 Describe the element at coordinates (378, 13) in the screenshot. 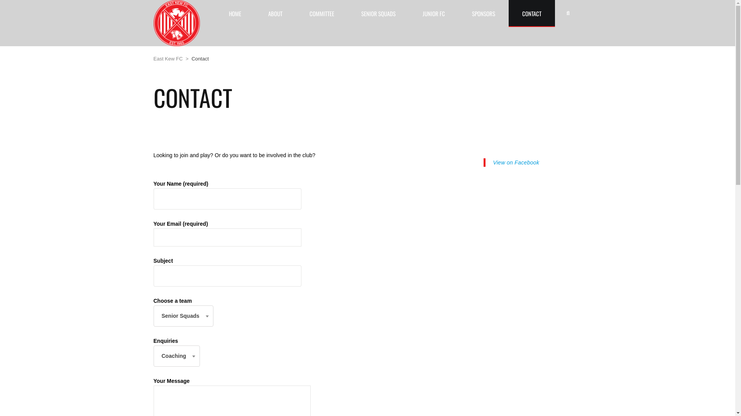

I see `'SENIOR SQUADS'` at that location.